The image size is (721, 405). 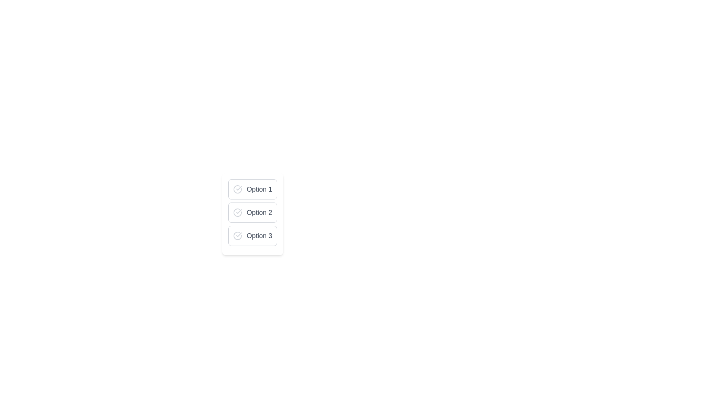 What do you see at coordinates (237, 213) in the screenshot?
I see `the checkmark icon indicating the selection state for 'Option 2', which is located to the left of the text label in the option panel` at bounding box center [237, 213].